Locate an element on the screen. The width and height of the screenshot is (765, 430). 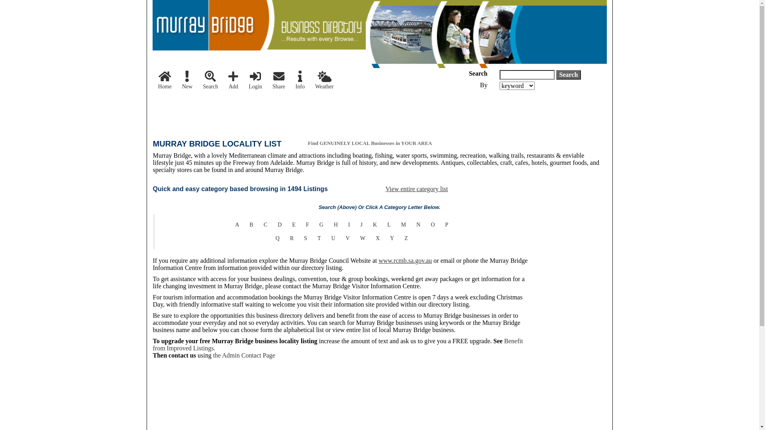
'I' is located at coordinates (343, 225).